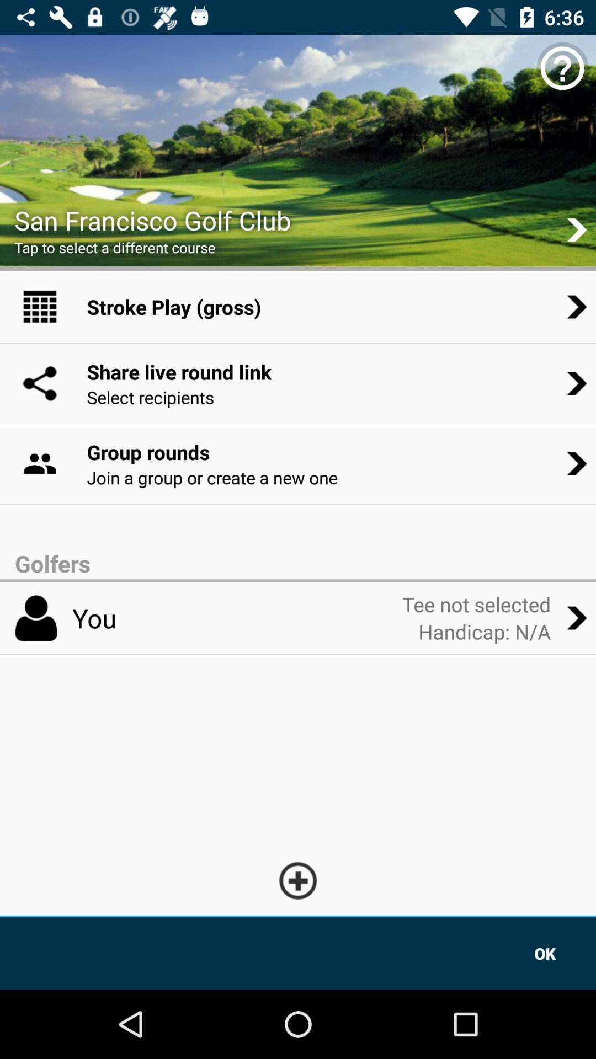 The height and width of the screenshot is (1059, 596). I want to click on about option, so click(562, 67).